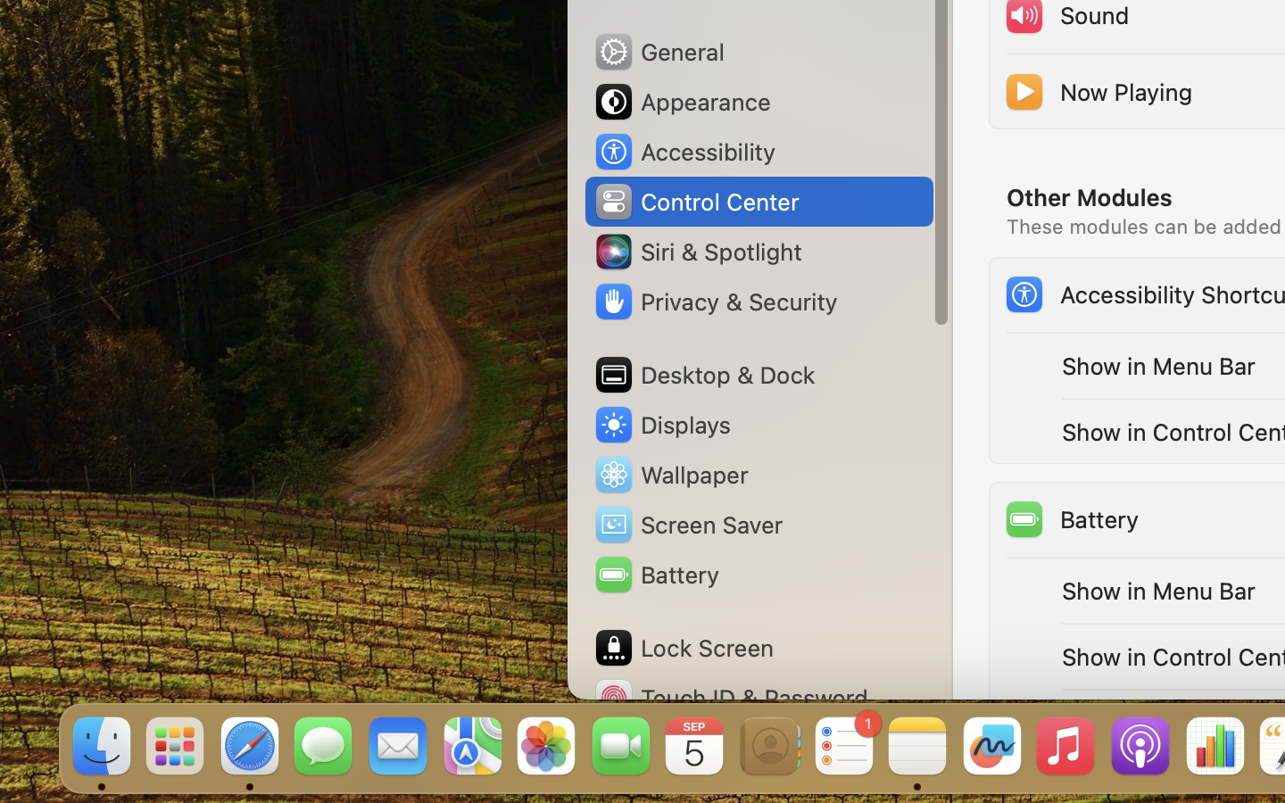 This screenshot has width=1285, height=803. I want to click on 'Wallpaper', so click(668, 473).